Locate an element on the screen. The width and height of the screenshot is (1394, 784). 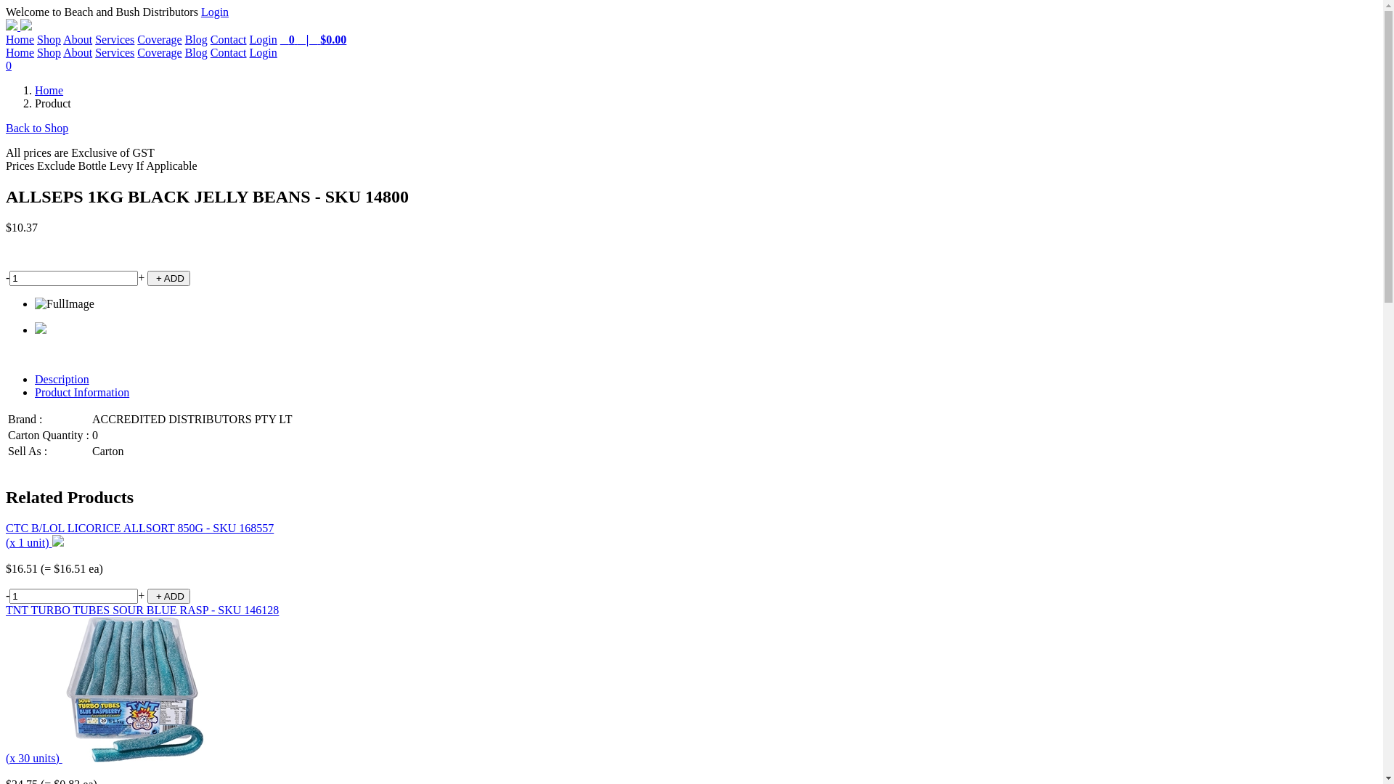
'Description' is located at coordinates (61, 378).